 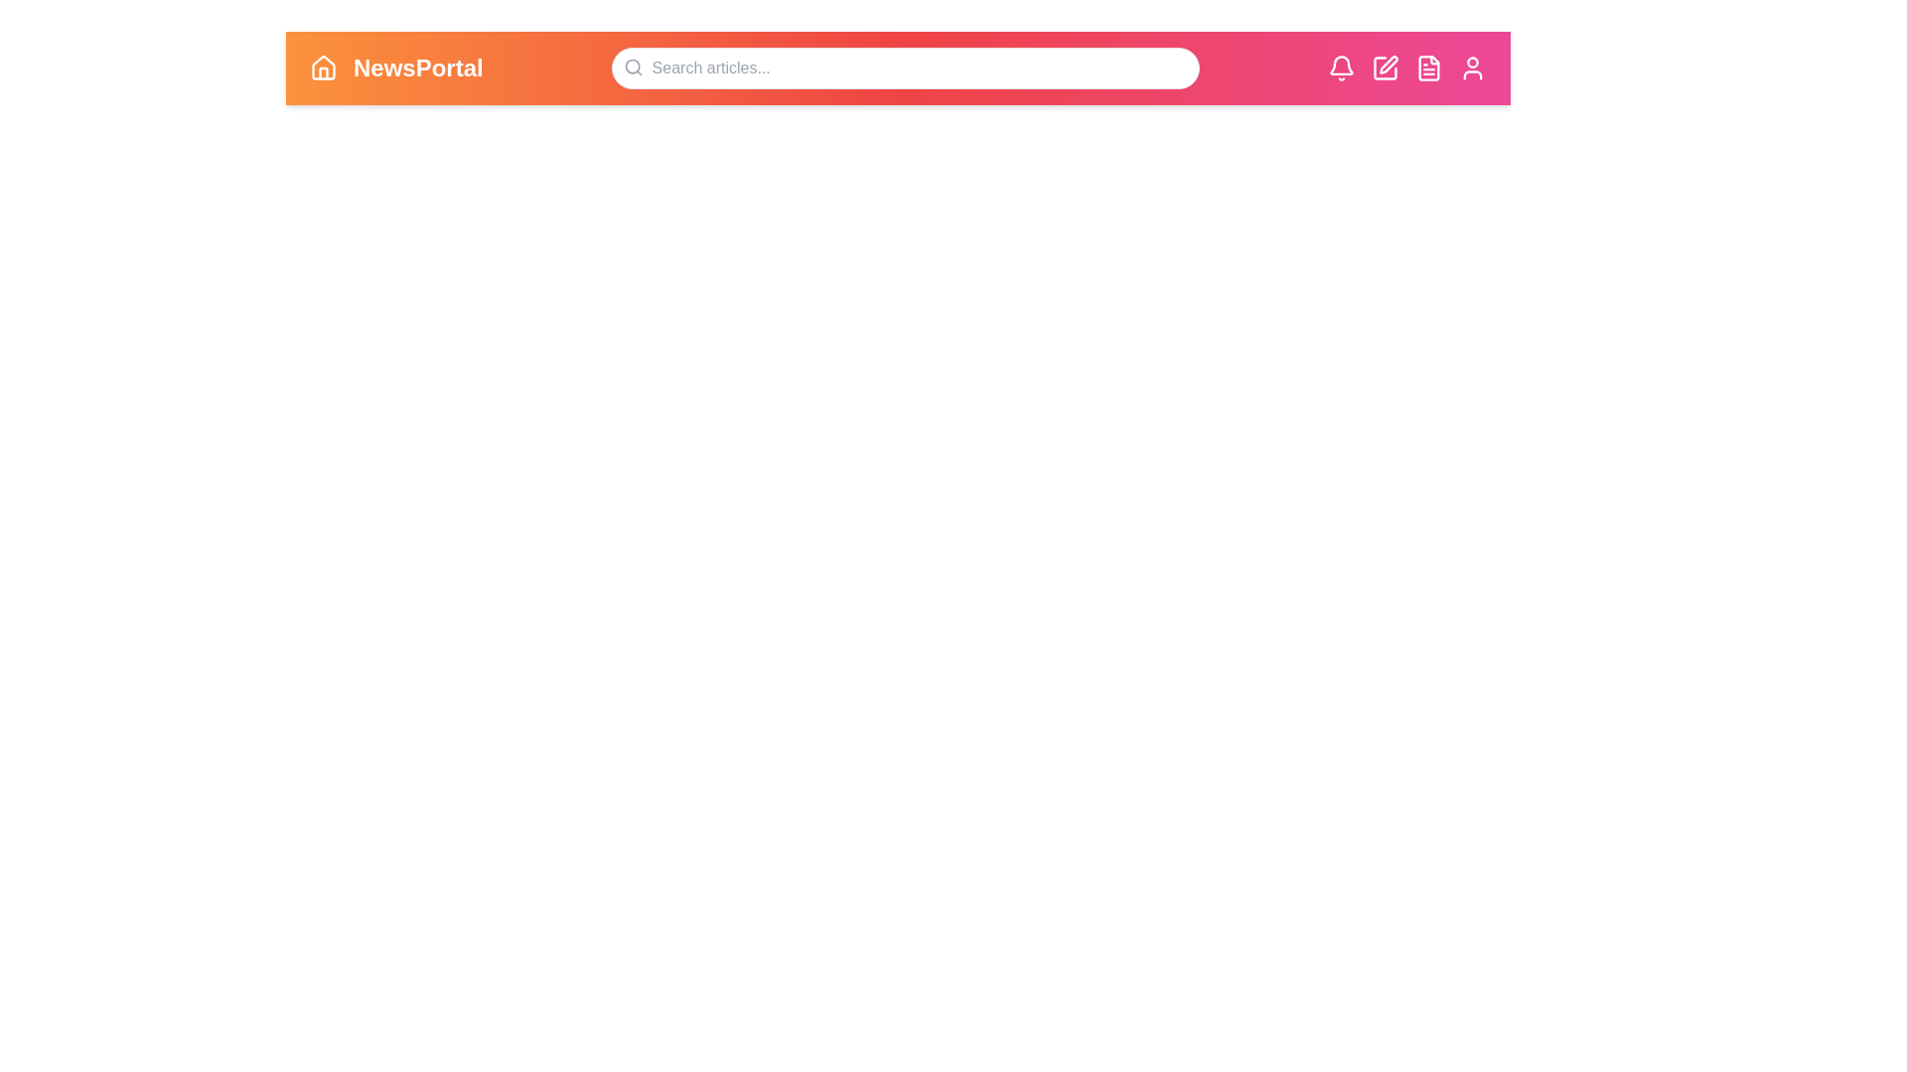 What do you see at coordinates (904, 67) in the screenshot?
I see `the search bar and type the query 'example query'` at bounding box center [904, 67].